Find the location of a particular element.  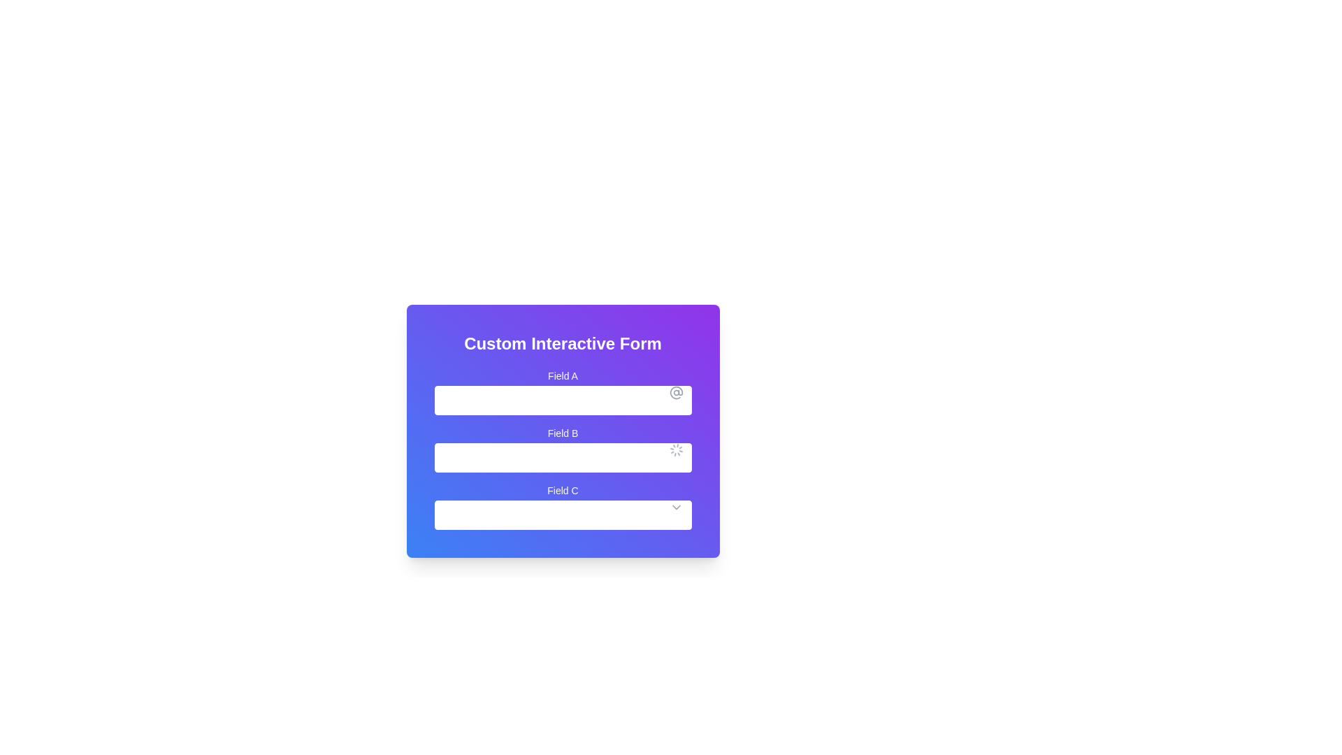

the 'Field B' label, which is the second label in a vertical sequence located in the center of the gradient background form is located at coordinates (563, 433).